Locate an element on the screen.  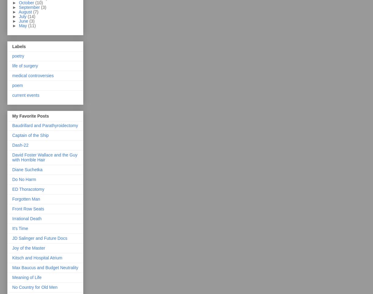
'poem' is located at coordinates (17, 85).